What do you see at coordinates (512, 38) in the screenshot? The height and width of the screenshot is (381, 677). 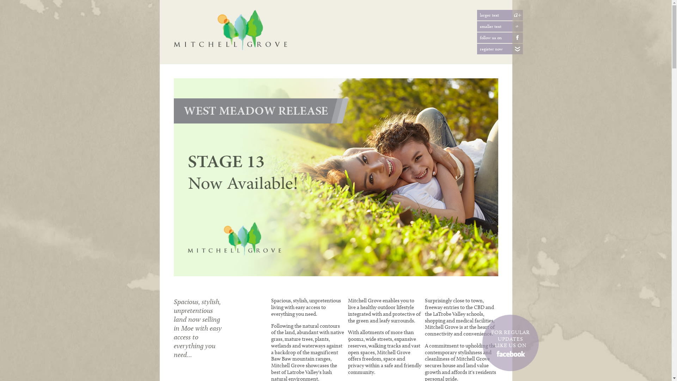 I see `'follow us on'` at bounding box center [512, 38].